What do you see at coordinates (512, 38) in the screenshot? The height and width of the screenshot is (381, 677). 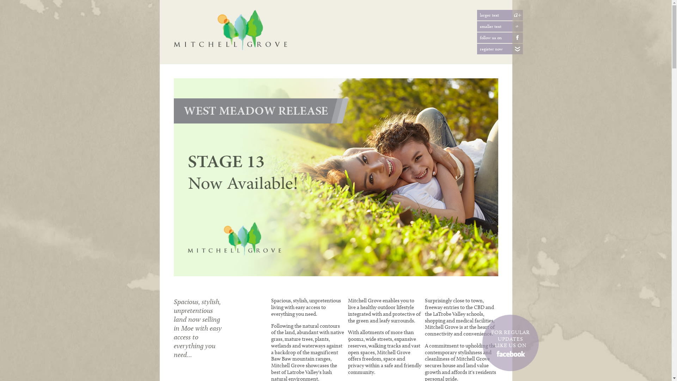 I see `'follow us on'` at bounding box center [512, 38].